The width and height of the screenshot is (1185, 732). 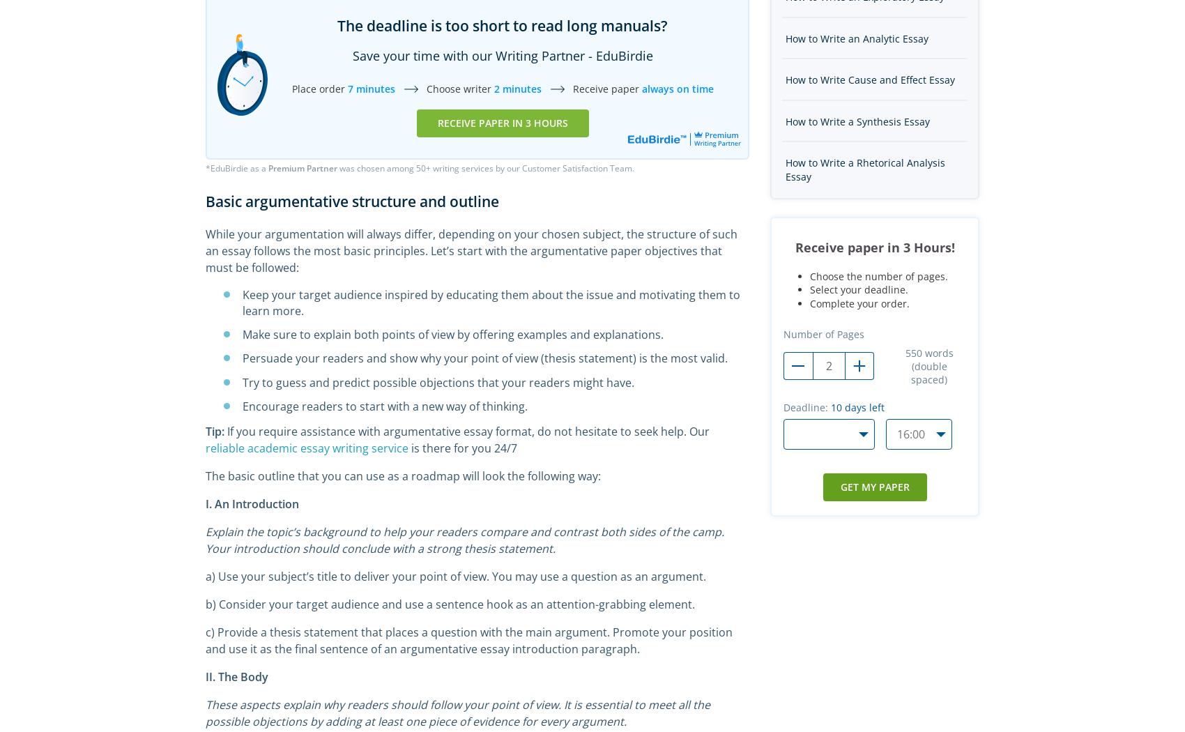 What do you see at coordinates (878, 275) in the screenshot?
I see `'Choose the number of pages.'` at bounding box center [878, 275].